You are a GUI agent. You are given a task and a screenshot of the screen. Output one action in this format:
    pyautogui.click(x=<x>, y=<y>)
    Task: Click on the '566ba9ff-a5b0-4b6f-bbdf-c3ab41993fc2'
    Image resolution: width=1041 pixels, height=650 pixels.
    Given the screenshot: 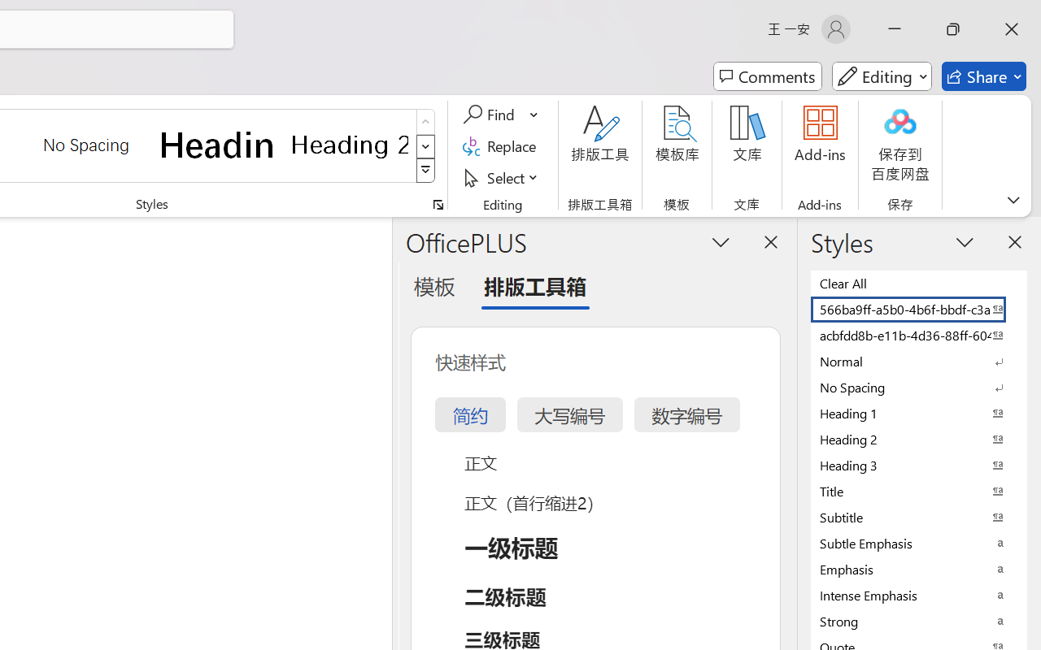 What is the action you would take?
    pyautogui.click(x=919, y=308)
    